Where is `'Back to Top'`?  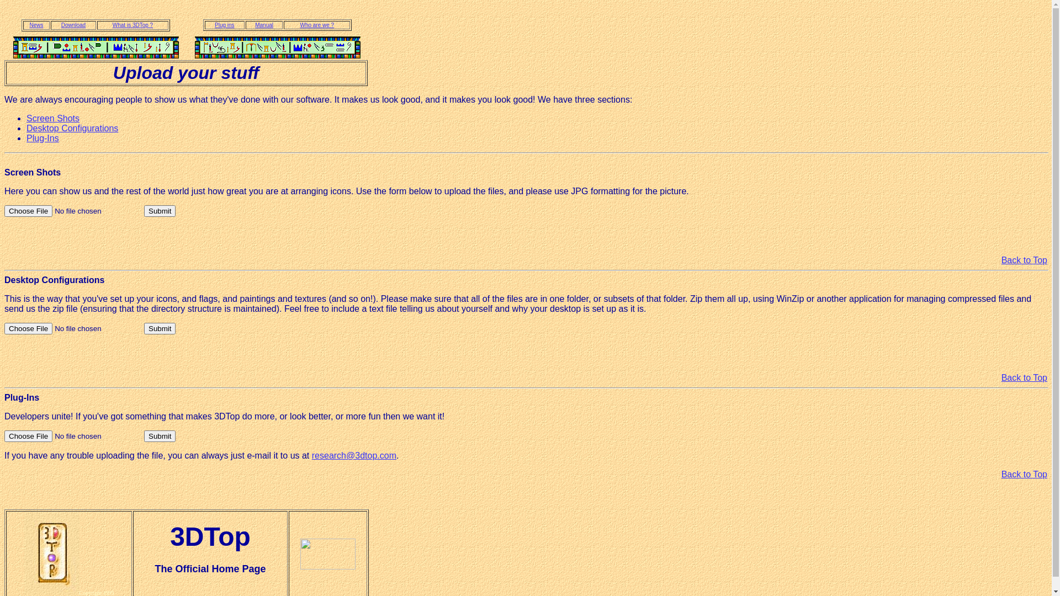 'Back to Top' is located at coordinates (1024, 377).